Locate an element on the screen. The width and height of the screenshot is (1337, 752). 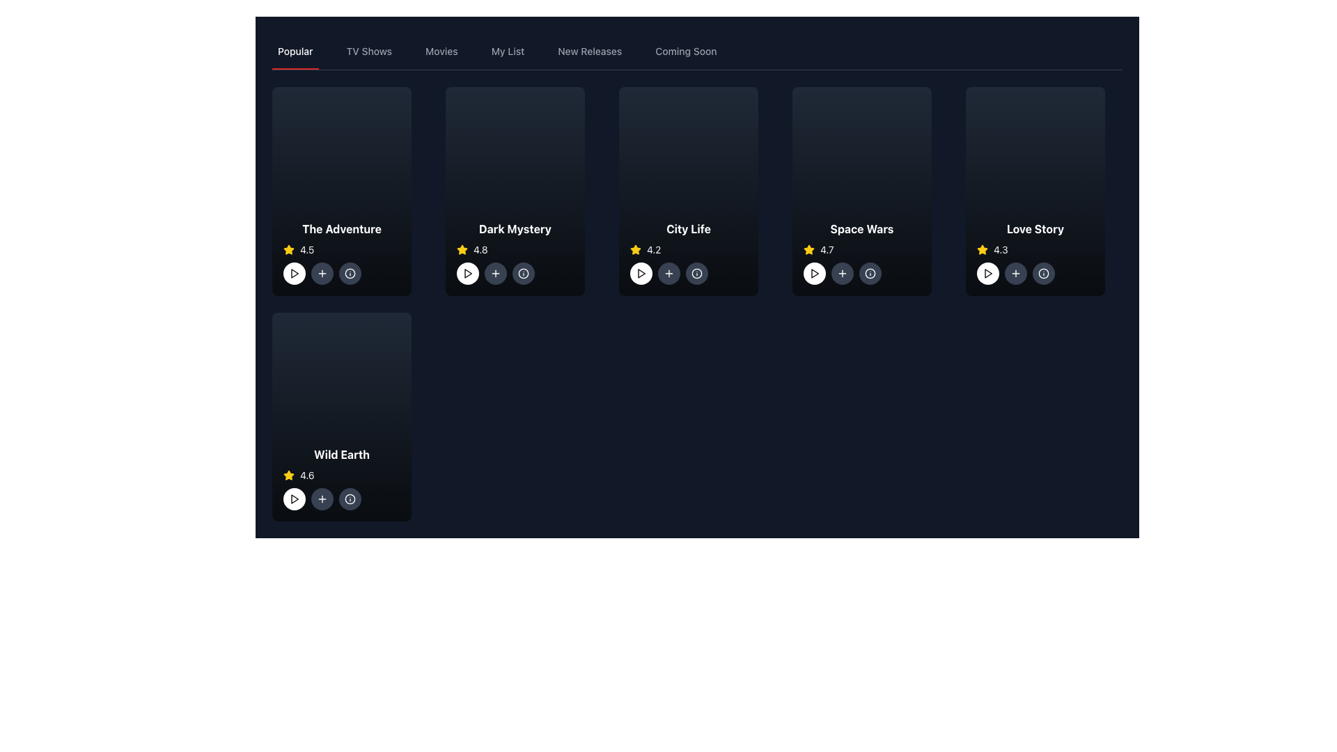
the third circular button in the horizontal set below the title 'The Adventure' is located at coordinates (350, 274).